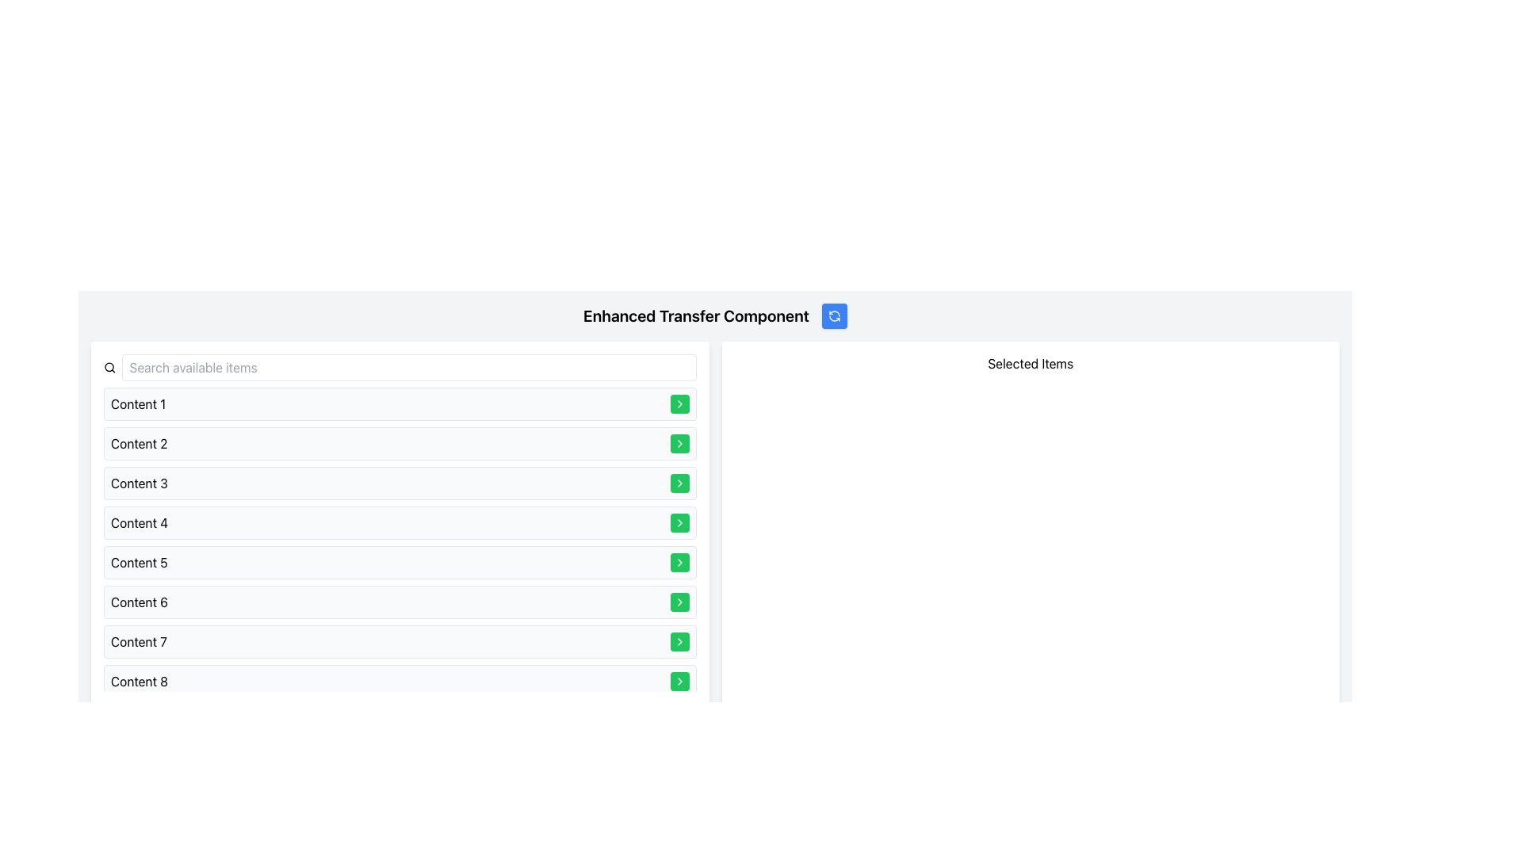 This screenshot has height=856, width=1522. I want to click on the rightmost button associated with 'Content 5', so click(679, 561).